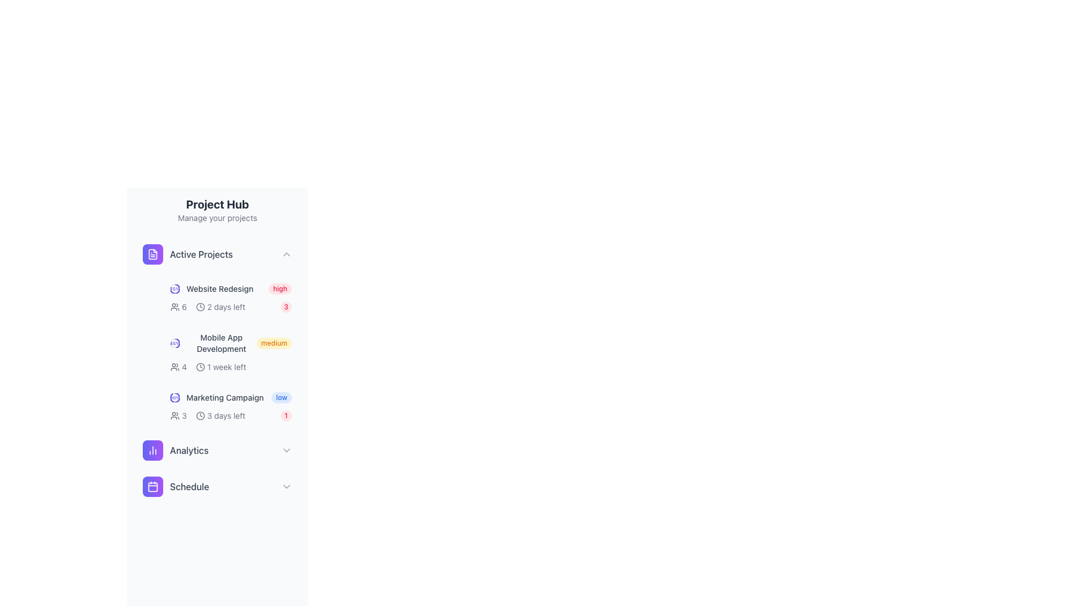 This screenshot has height=612, width=1088. What do you see at coordinates (218, 332) in the screenshot?
I see `the 'Mobile App Development' informational card located in the 'Active Projects' section for more details` at bounding box center [218, 332].